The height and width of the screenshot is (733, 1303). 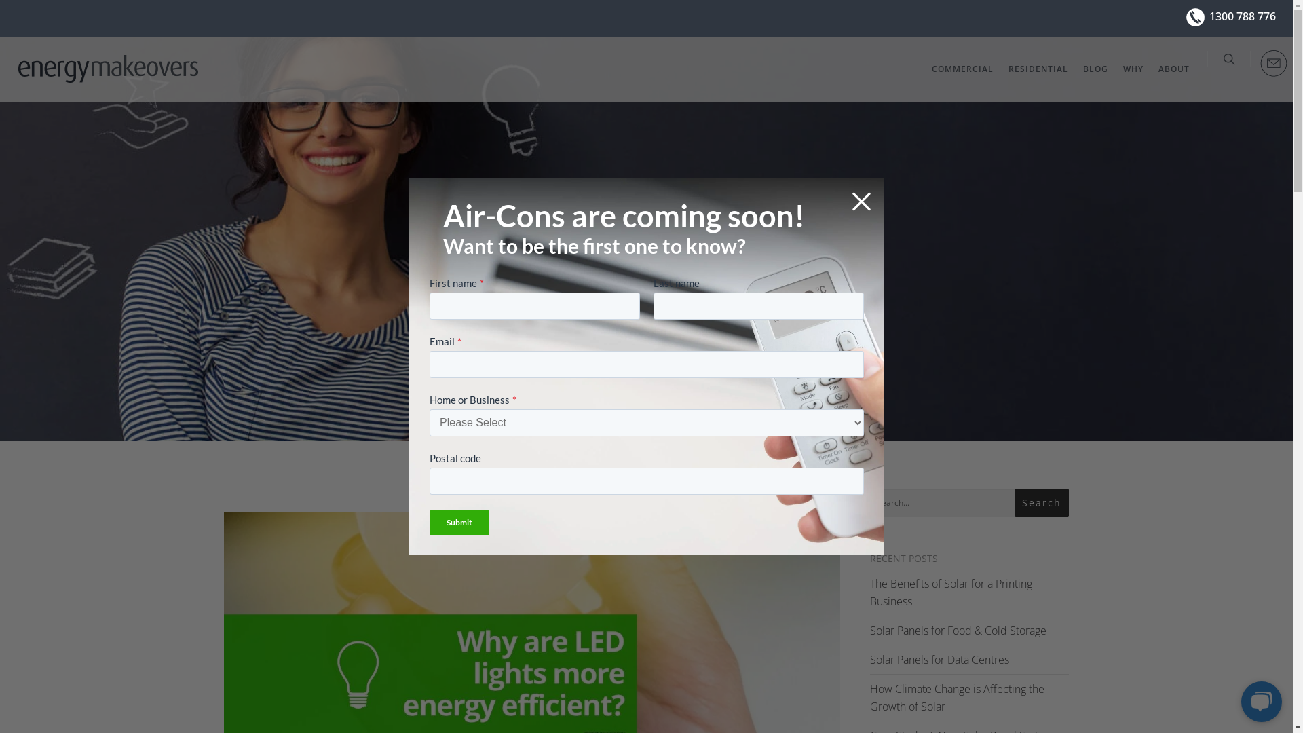 I want to click on '1300 788 776', so click(x=1242, y=16).